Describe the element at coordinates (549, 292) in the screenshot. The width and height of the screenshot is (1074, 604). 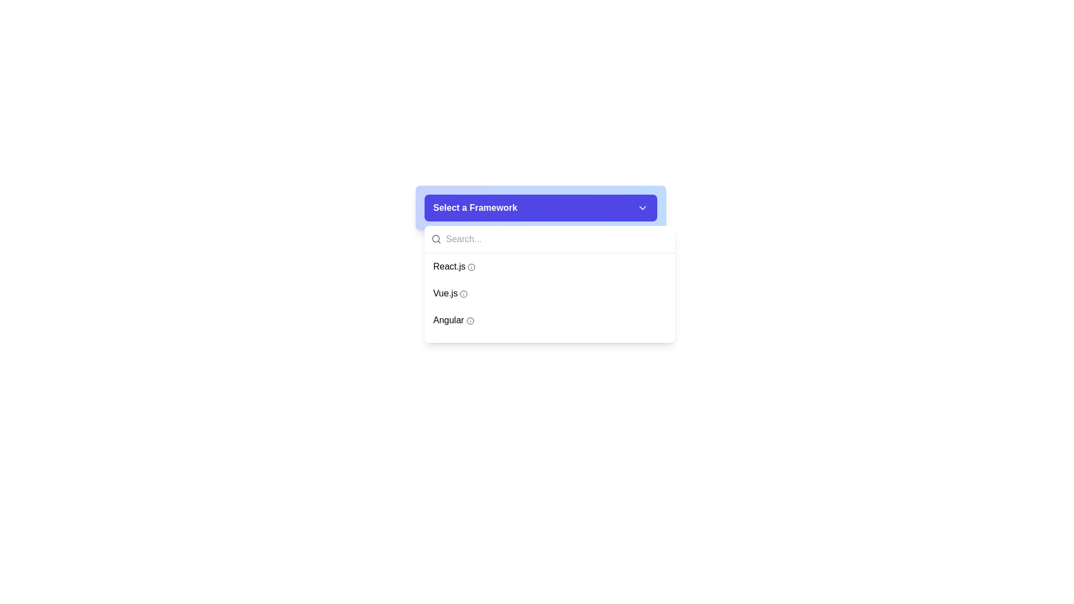
I see `the selectable list item displaying 'Vue.js'` at that location.